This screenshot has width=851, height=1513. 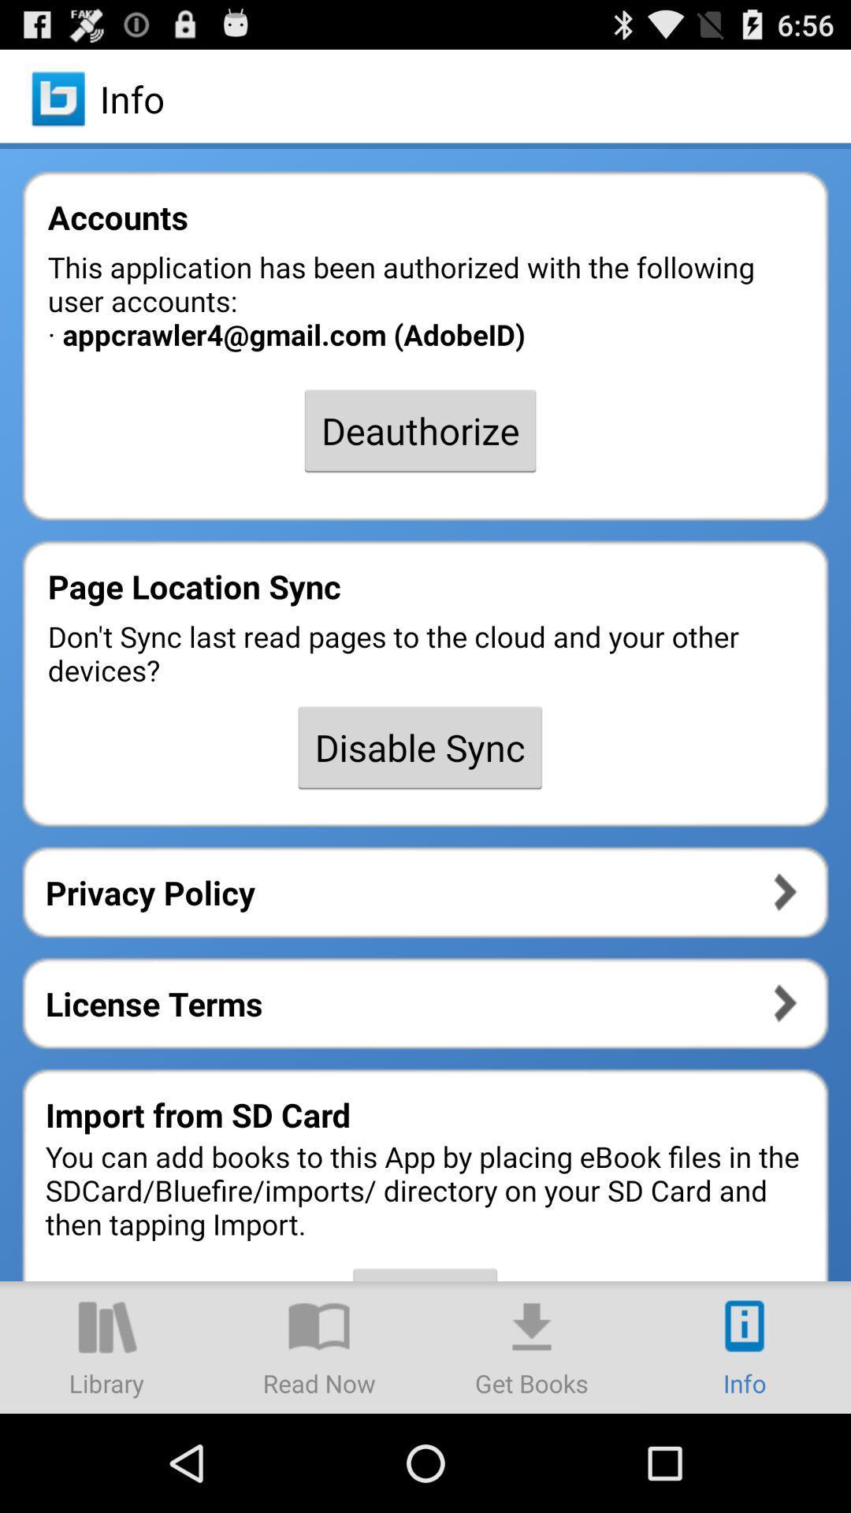 What do you see at coordinates (532, 1346) in the screenshot?
I see `get books` at bounding box center [532, 1346].